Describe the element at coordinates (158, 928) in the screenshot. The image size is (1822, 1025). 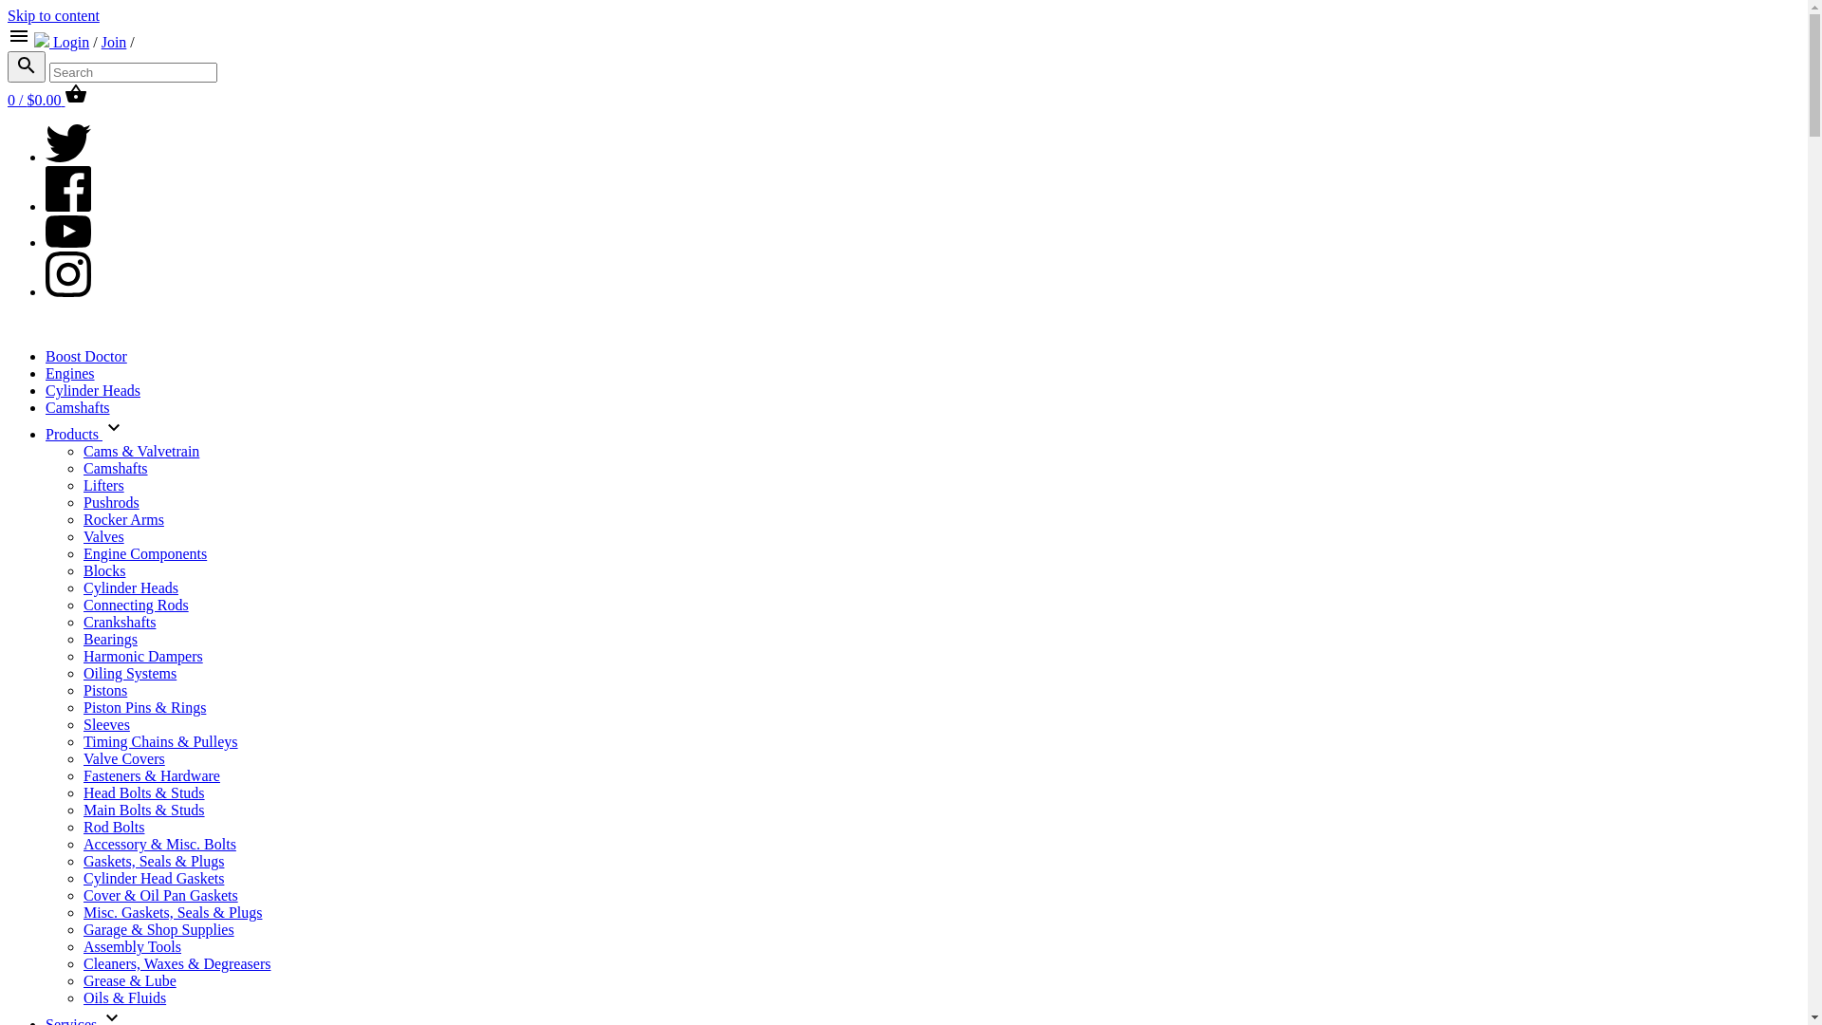
I see `'Garage & Shop Supplies'` at that location.